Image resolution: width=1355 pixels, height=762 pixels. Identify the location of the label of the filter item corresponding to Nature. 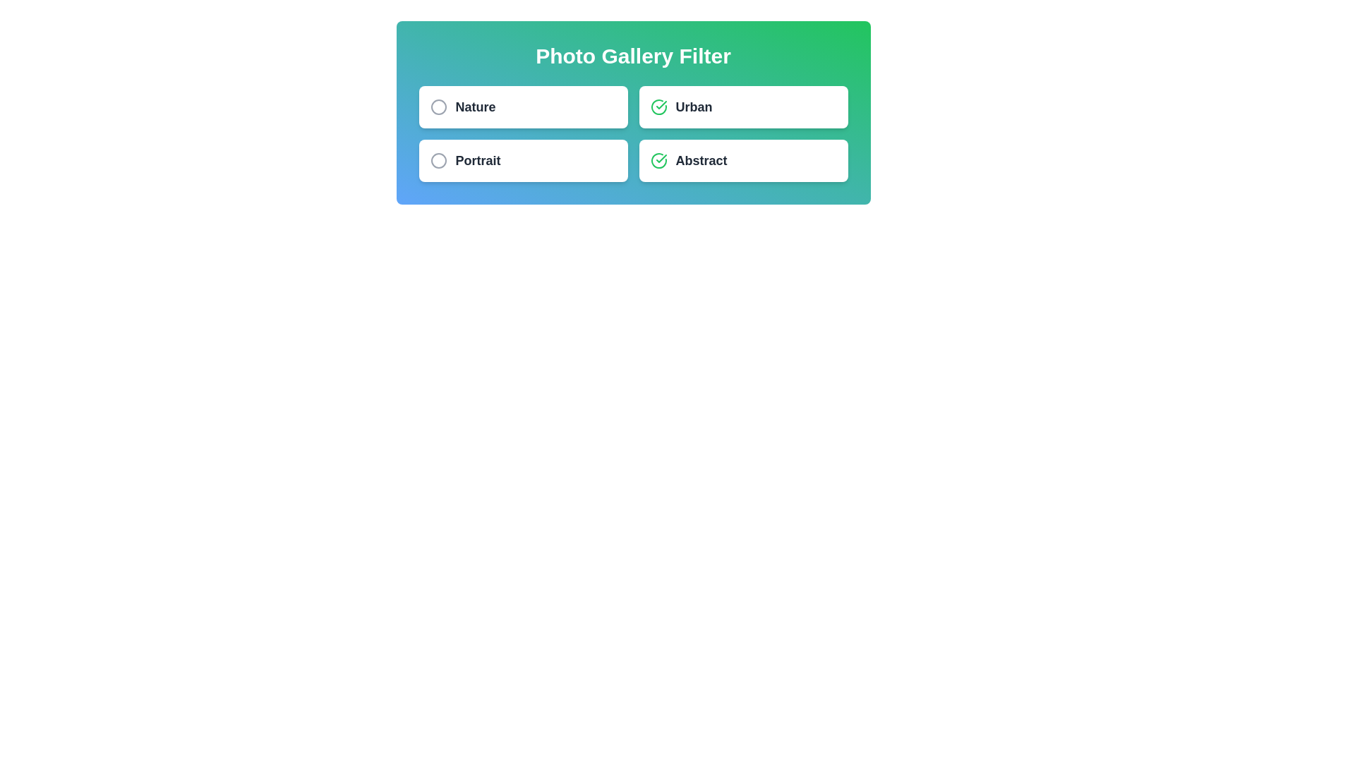
(475, 106).